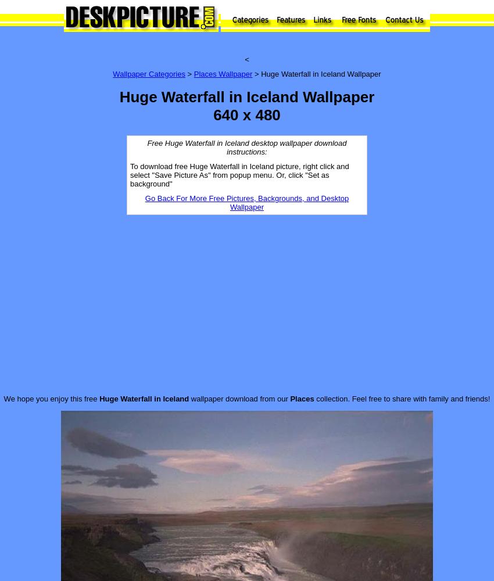 This screenshot has width=494, height=581. What do you see at coordinates (144, 398) in the screenshot?
I see `'Huge Waterfall in Iceland'` at bounding box center [144, 398].